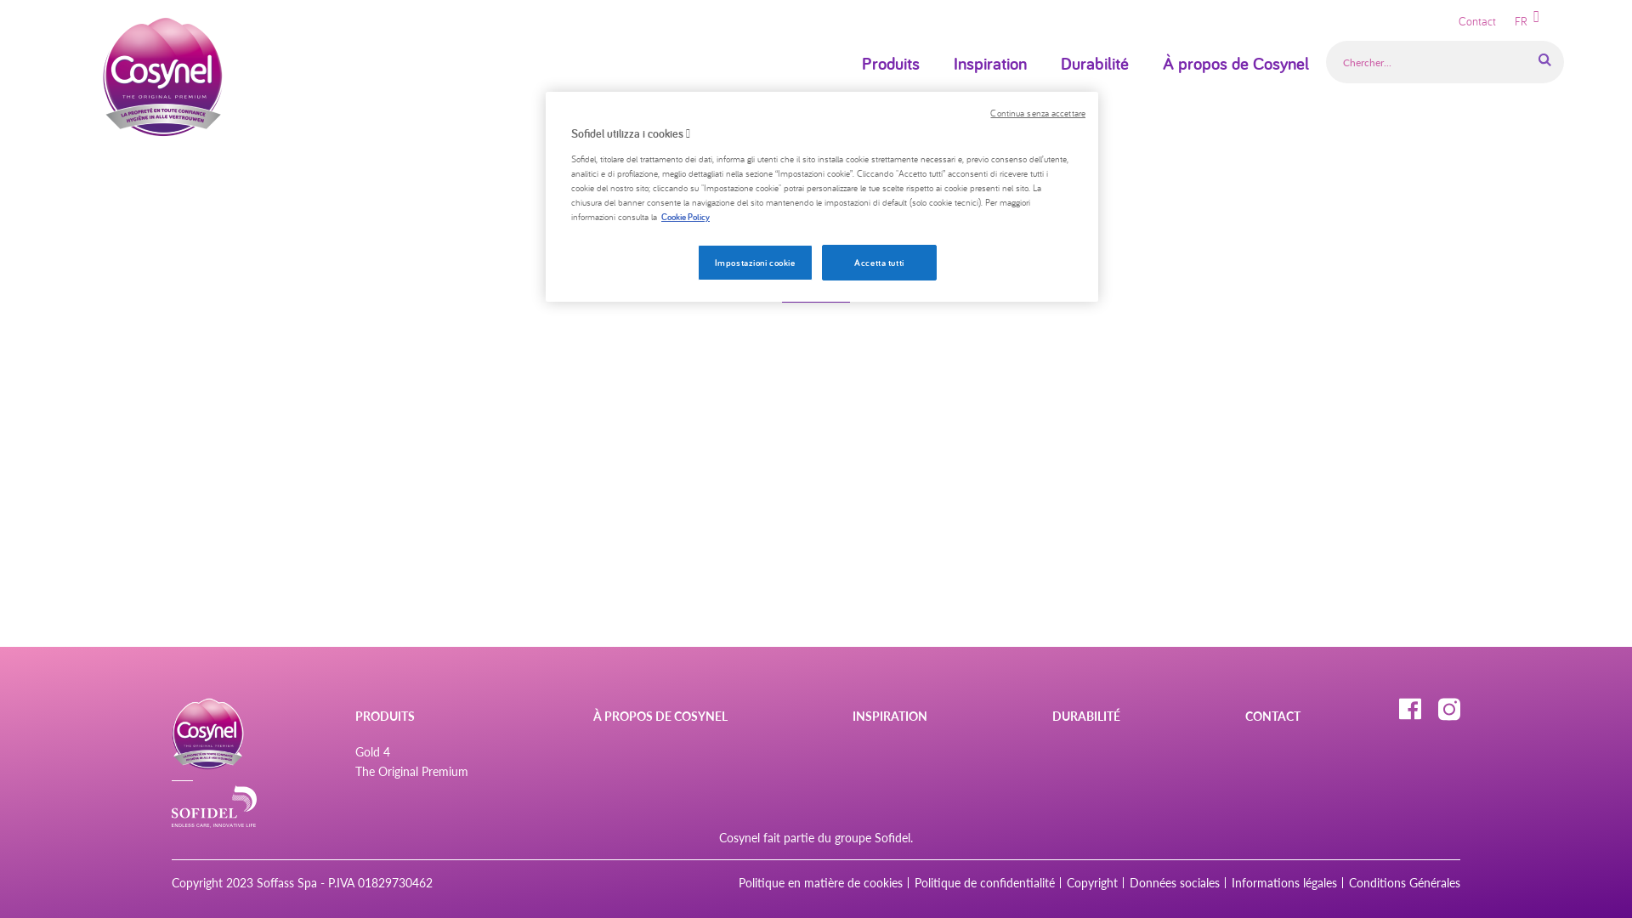  What do you see at coordinates (853, 716) in the screenshot?
I see `'INSPIRATION'` at bounding box center [853, 716].